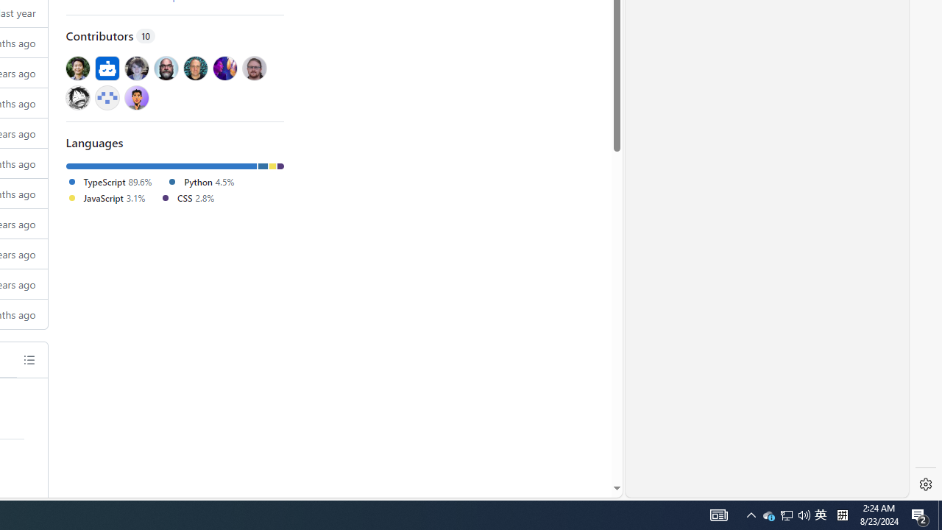 This screenshot has width=942, height=530. I want to click on '@dependabot[bot]', so click(106, 68).